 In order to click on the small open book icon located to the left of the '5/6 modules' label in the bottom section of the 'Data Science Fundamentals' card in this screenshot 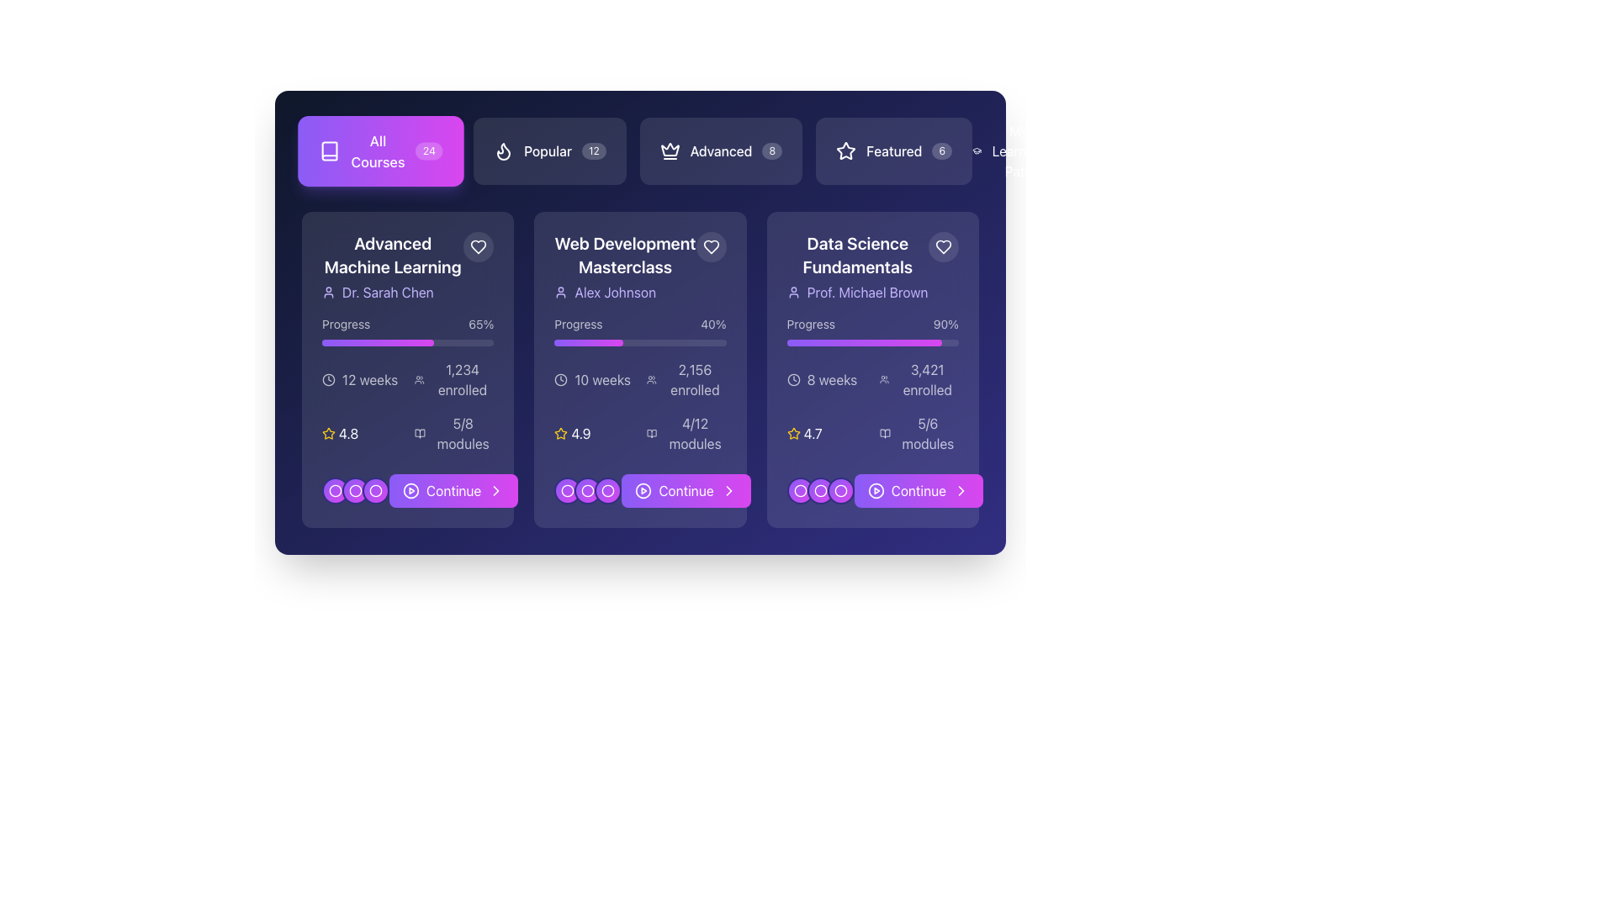, I will do `click(884, 433)`.